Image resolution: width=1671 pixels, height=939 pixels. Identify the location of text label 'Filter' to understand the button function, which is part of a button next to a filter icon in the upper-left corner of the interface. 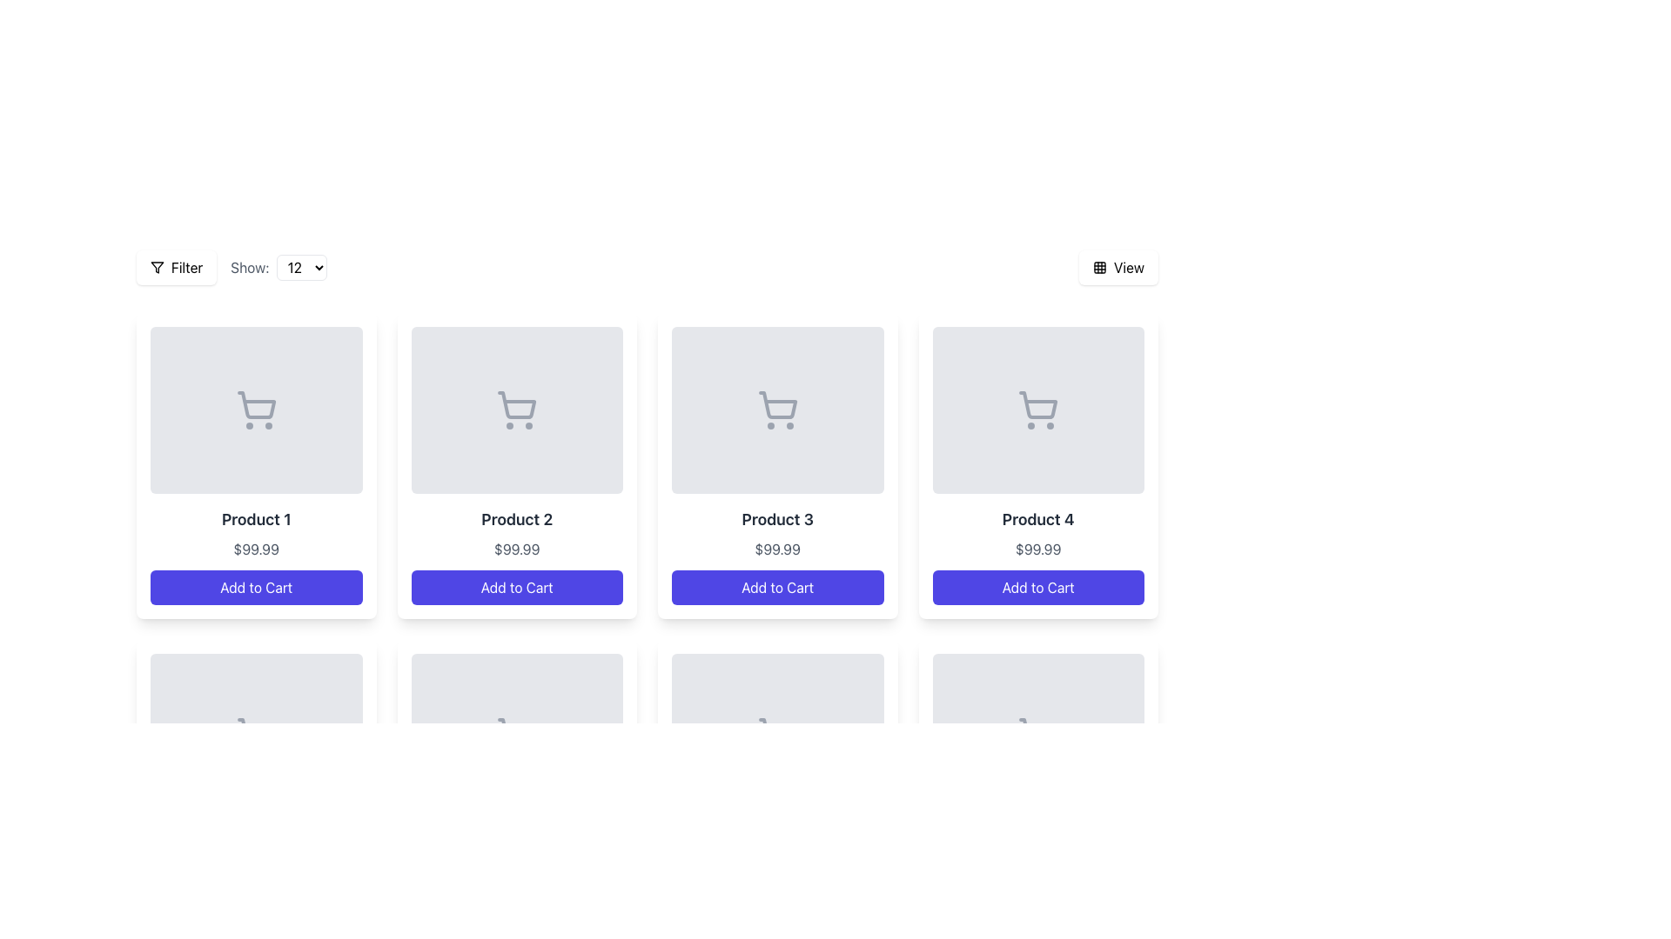
(187, 268).